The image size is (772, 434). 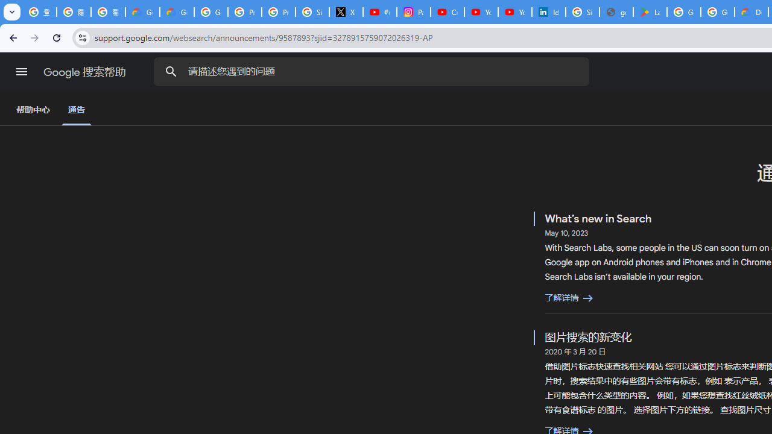 I want to click on 'Privacy Help Center - Policies Help', so click(x=278, y=12).